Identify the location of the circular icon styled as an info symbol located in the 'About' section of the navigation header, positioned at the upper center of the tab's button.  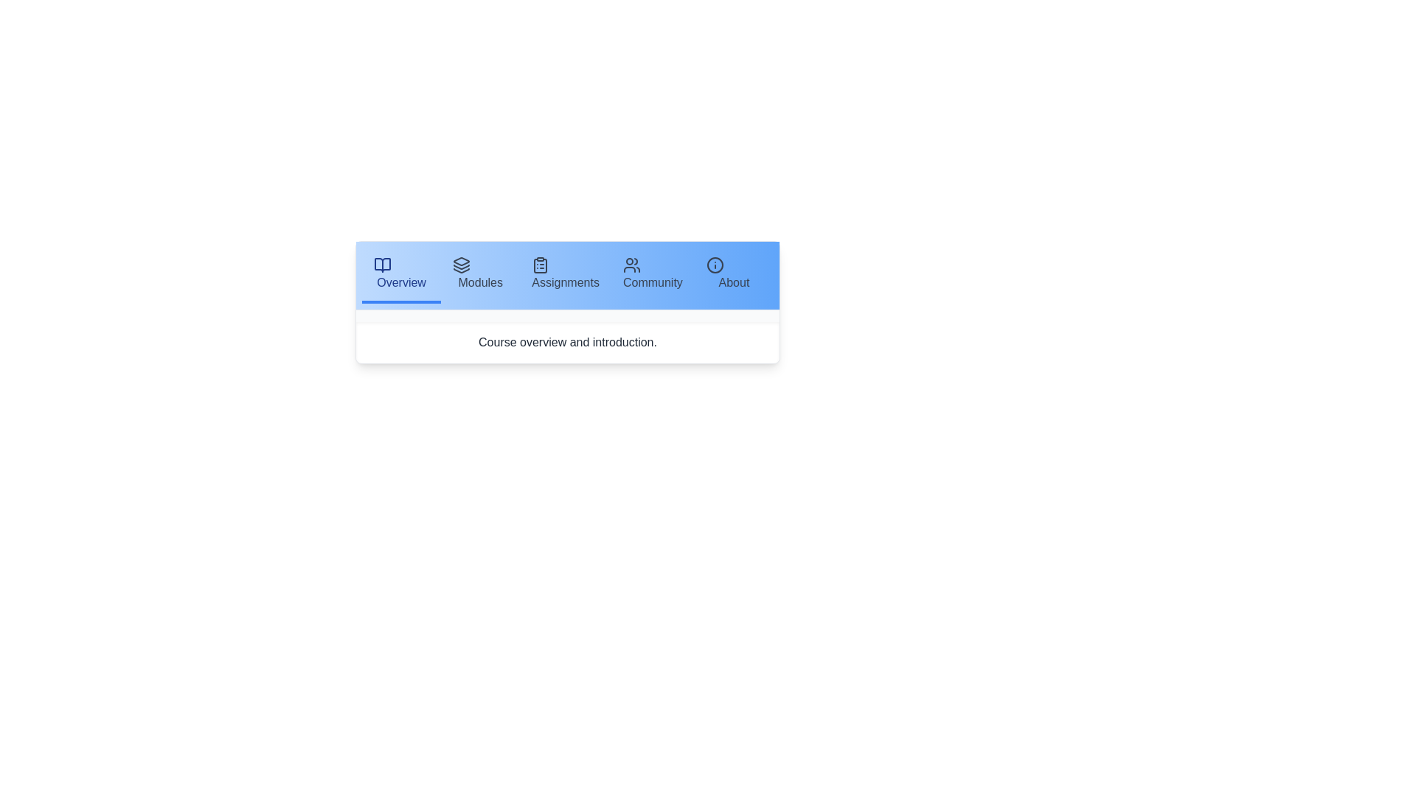
(715, 264).